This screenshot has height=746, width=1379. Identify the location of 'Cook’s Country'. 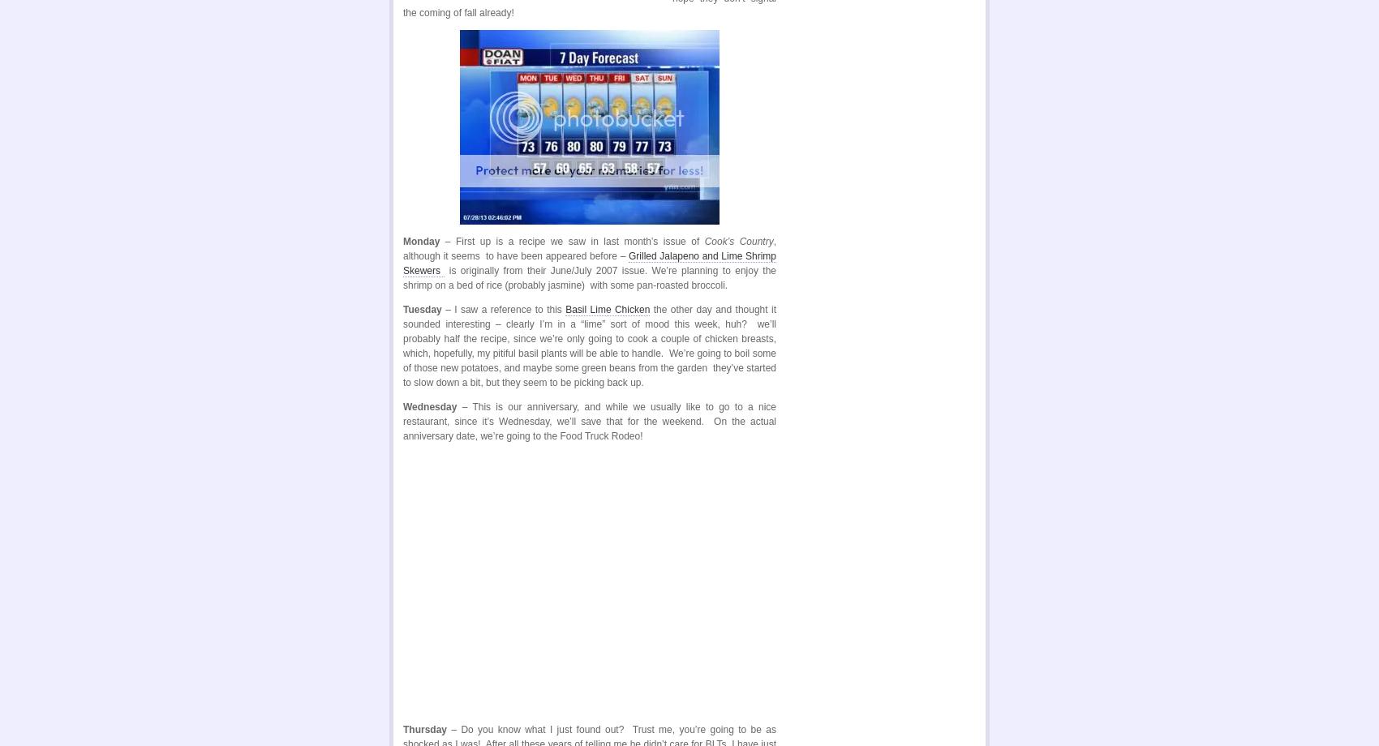
(738, 241).